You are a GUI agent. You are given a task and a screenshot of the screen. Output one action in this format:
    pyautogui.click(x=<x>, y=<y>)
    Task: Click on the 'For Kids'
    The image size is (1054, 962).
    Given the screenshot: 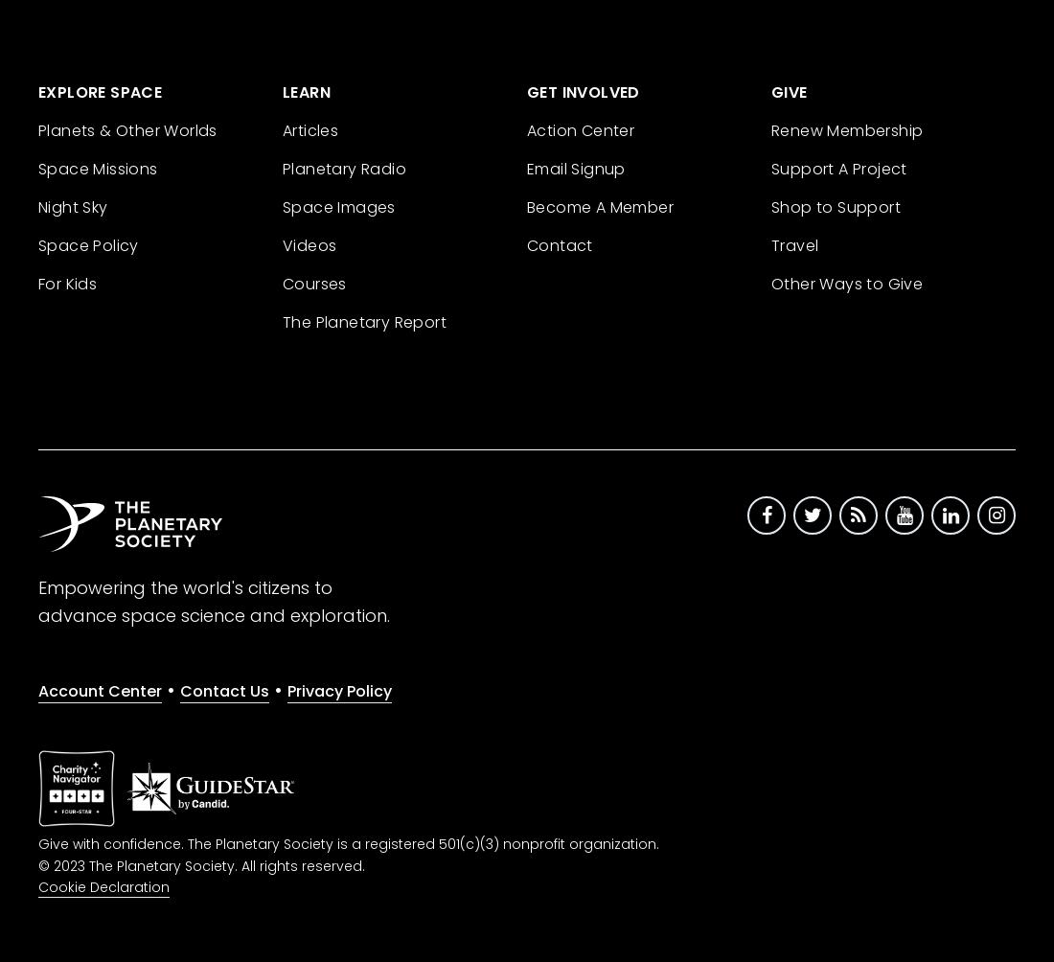 What is the action you would take?
    pyautogui.click(x=67, y=283)
    